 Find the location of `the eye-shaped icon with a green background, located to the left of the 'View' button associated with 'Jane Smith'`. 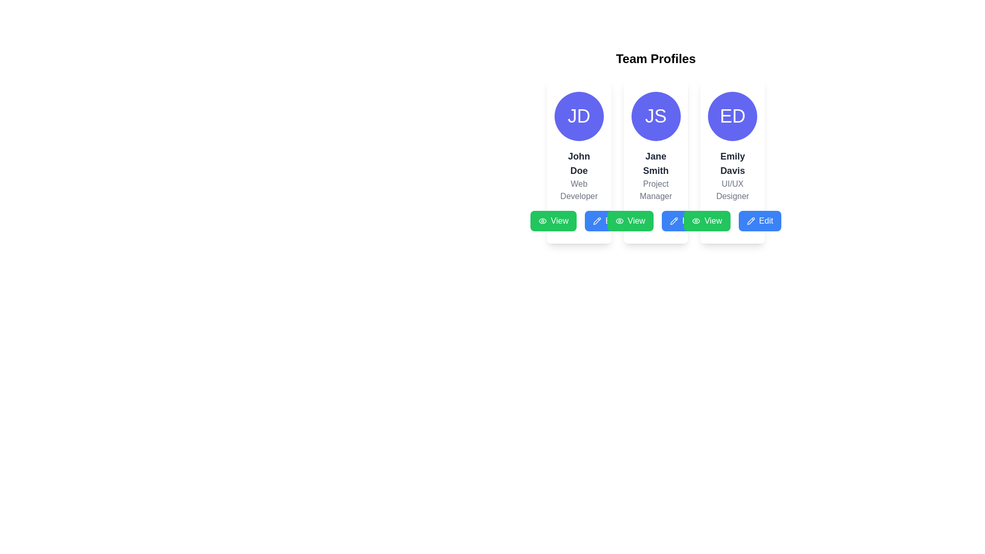

the eye-shaped icon with a green background, located to the left of the 'View' button associated with 'Jane Smith' is located at coordinates (619, 221).